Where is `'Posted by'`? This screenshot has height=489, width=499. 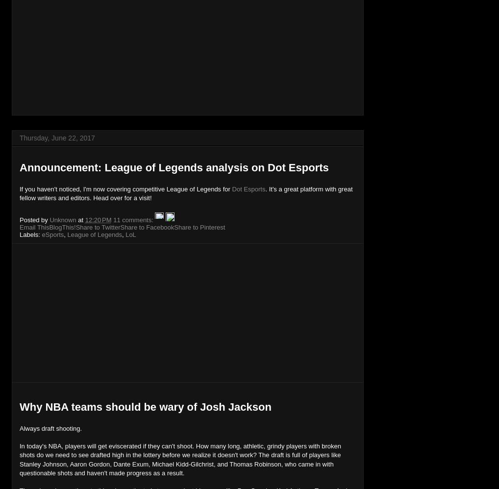
'Posted by' is located at coordinates (34, 219).